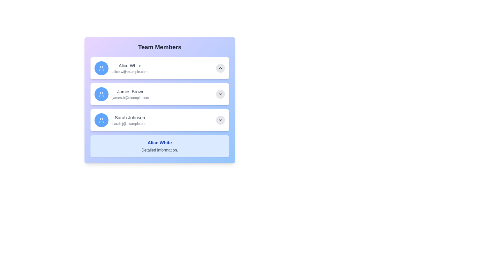 The height and width of the screenshot is (270, 480). Describe the element at coordinates (220, 68) in the screenshot. I see `the icon button for collapsing the detailed view of 'Alice White' in the 'Team Members' panel` at that location.